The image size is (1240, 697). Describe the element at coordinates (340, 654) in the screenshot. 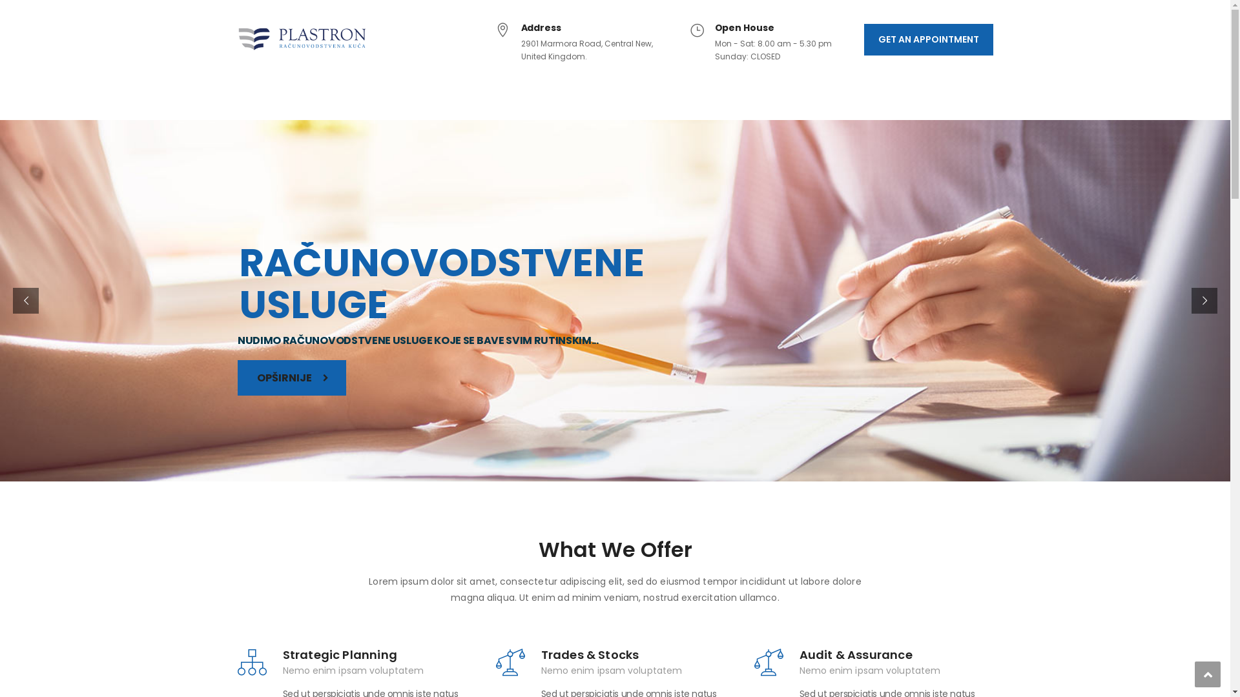

I see `'Strategic Planning'` at that location.